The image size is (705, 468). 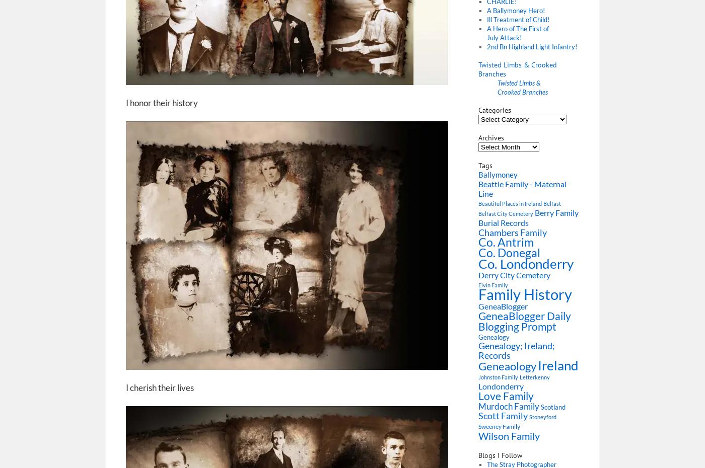 I want to click on 'Love Family', so click(x=506, y=395).